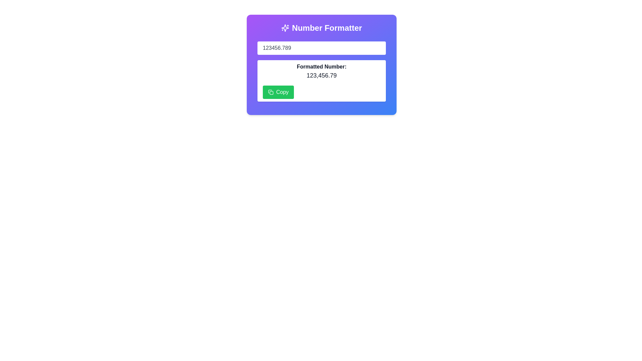  I want to click on the copy icon located to the left of the green 'Copy' button, so click(271, 92).